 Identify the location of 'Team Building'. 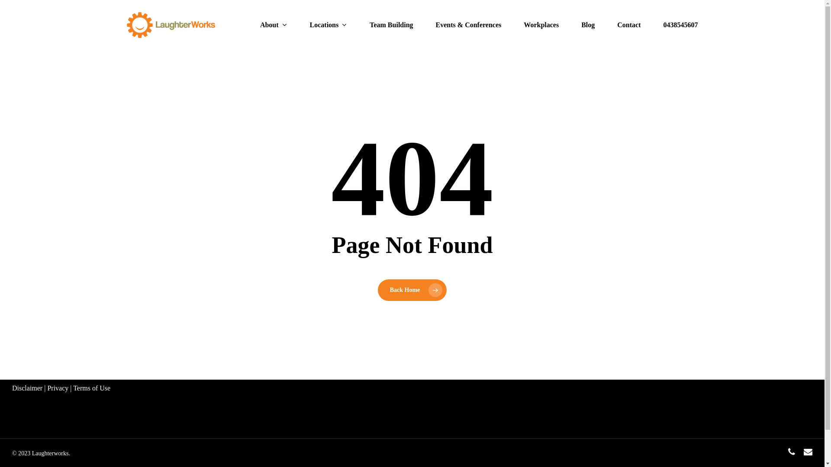
(390, 24).